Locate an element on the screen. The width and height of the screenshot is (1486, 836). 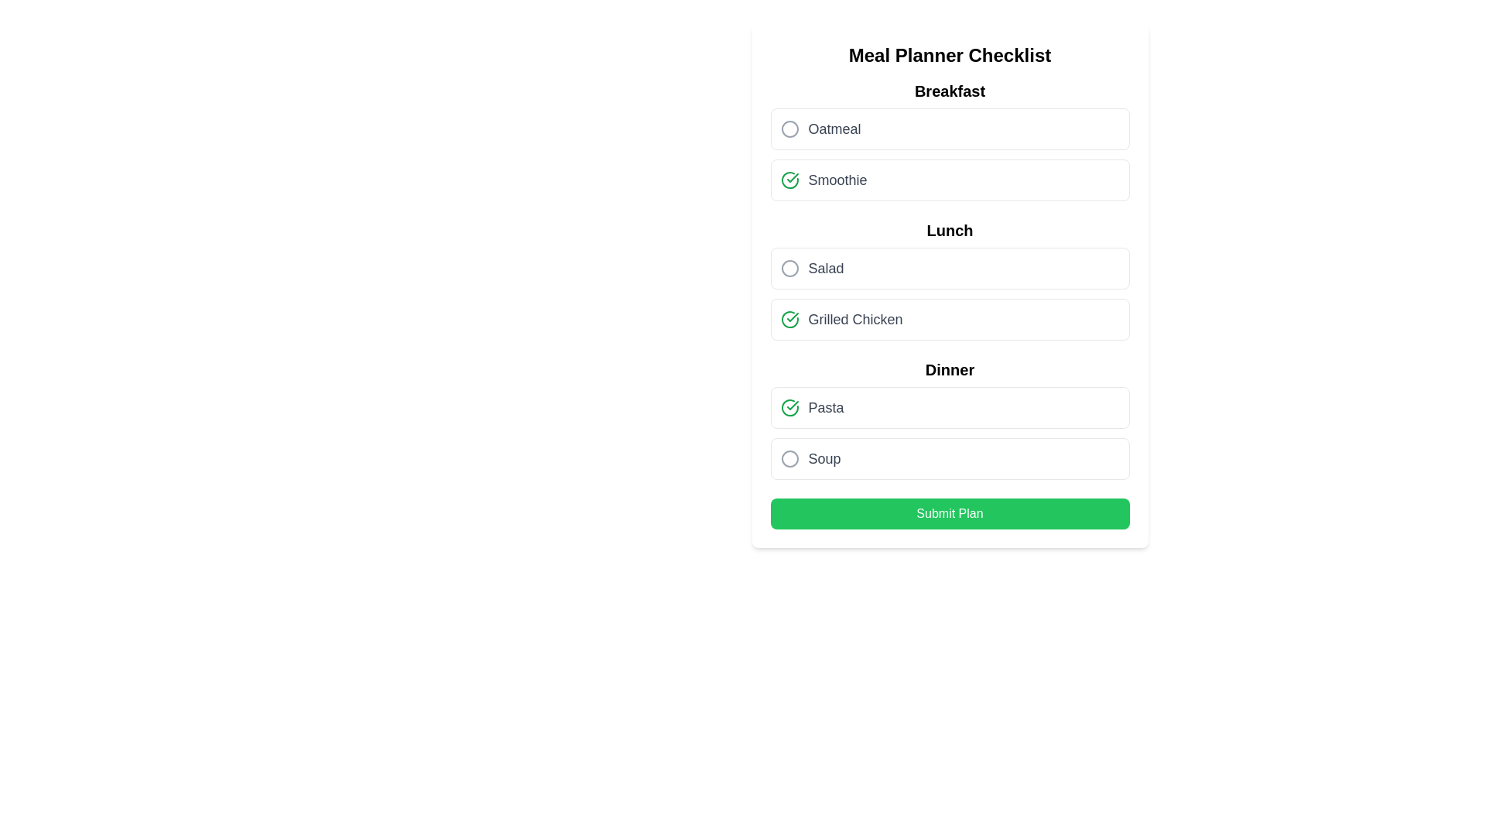
the circular icon with a gray stroke appearance located in the 'Dinner' section next to the 'Soup' label is located at coordinates (789, 458).